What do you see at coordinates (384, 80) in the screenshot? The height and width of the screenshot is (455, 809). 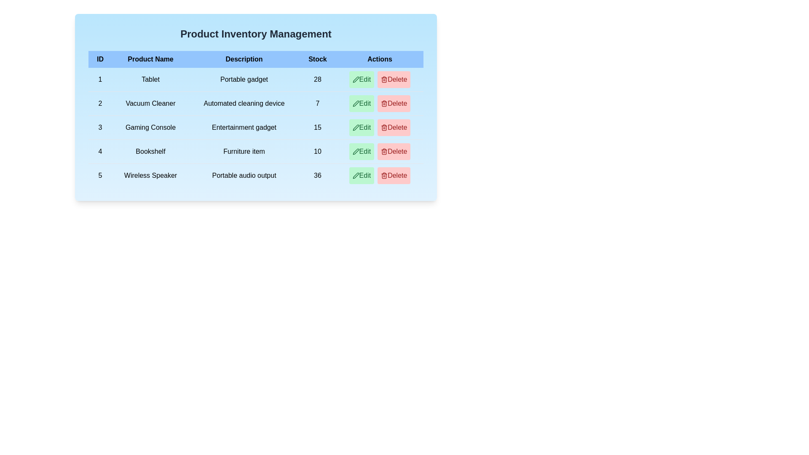 I see `the red trash can icon inside the 'Delete' button in the second row of the product inventory table` at bounding box center [384, 80].